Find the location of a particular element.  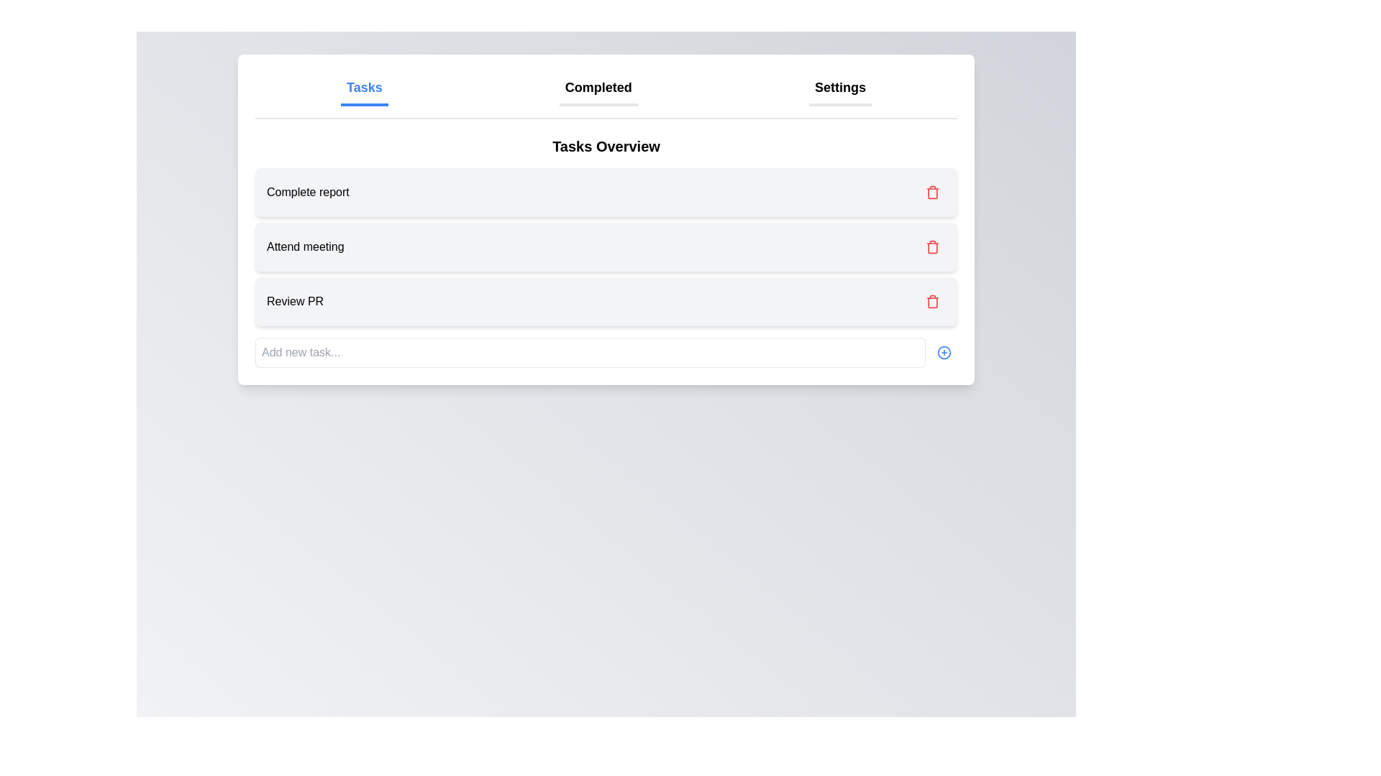

the red trash can icon in the bottom right corner of the 'Review PR' task card to receive visual feedback is located at coordinates (932, 301).